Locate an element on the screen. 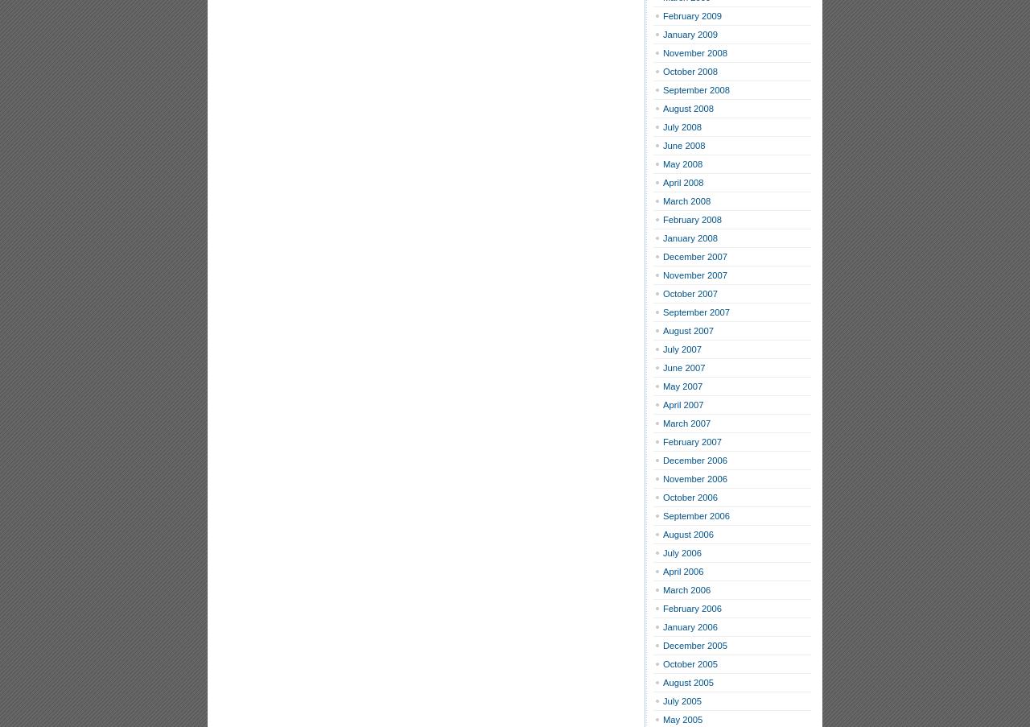 This screenshot has width=1030, height=727. 'February 2009' is located at coordinates (663, 14).